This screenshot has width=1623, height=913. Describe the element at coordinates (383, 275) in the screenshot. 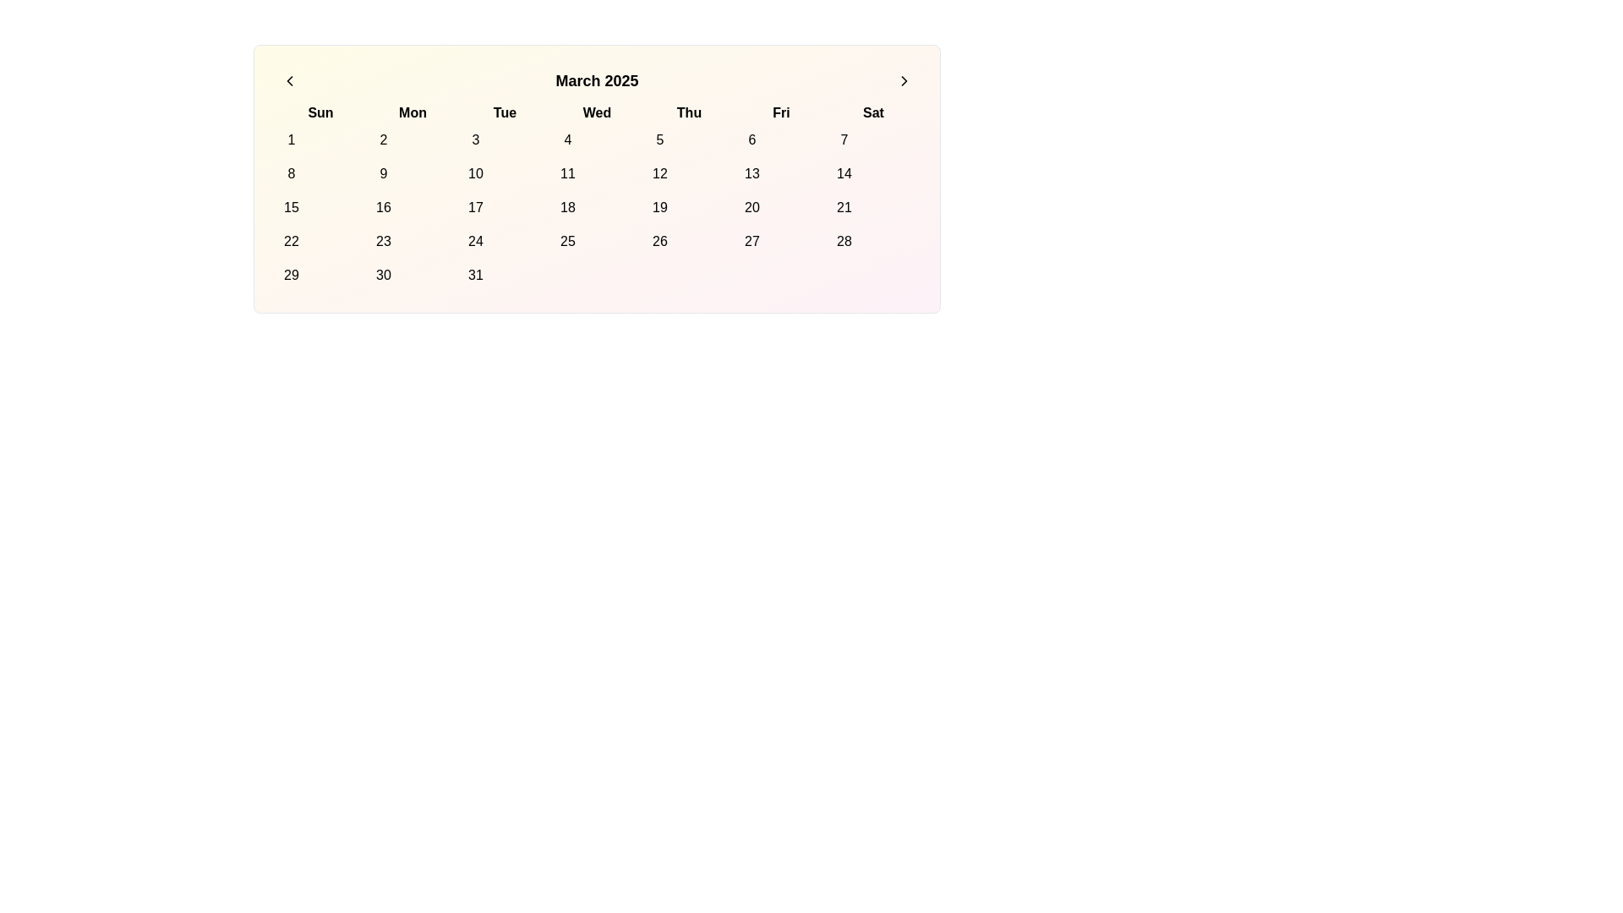

I see `the circular button labeled '30' with a light pink hover effect` at that location.